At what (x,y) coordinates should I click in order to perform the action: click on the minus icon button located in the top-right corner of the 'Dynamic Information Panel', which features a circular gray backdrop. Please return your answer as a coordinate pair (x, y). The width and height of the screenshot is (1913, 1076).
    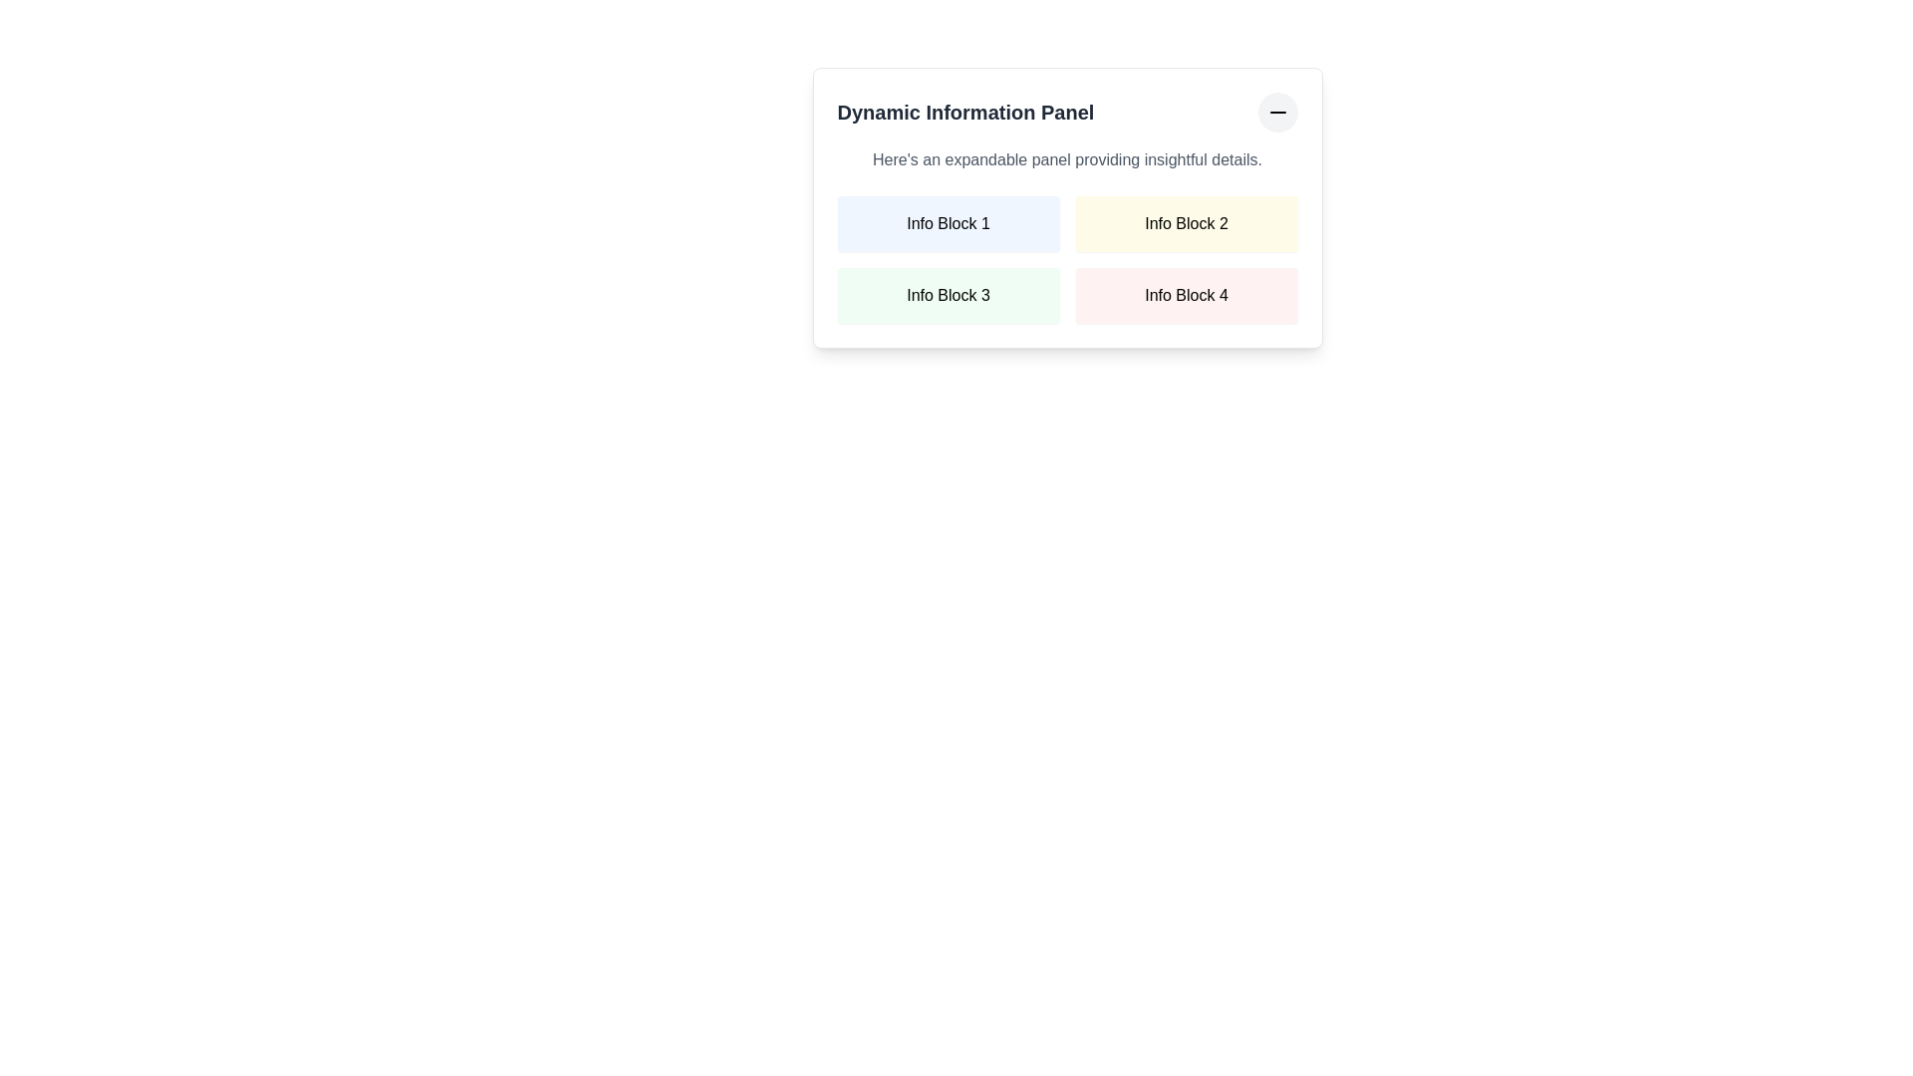
    Looking at the image, I should click on (1277, 112).